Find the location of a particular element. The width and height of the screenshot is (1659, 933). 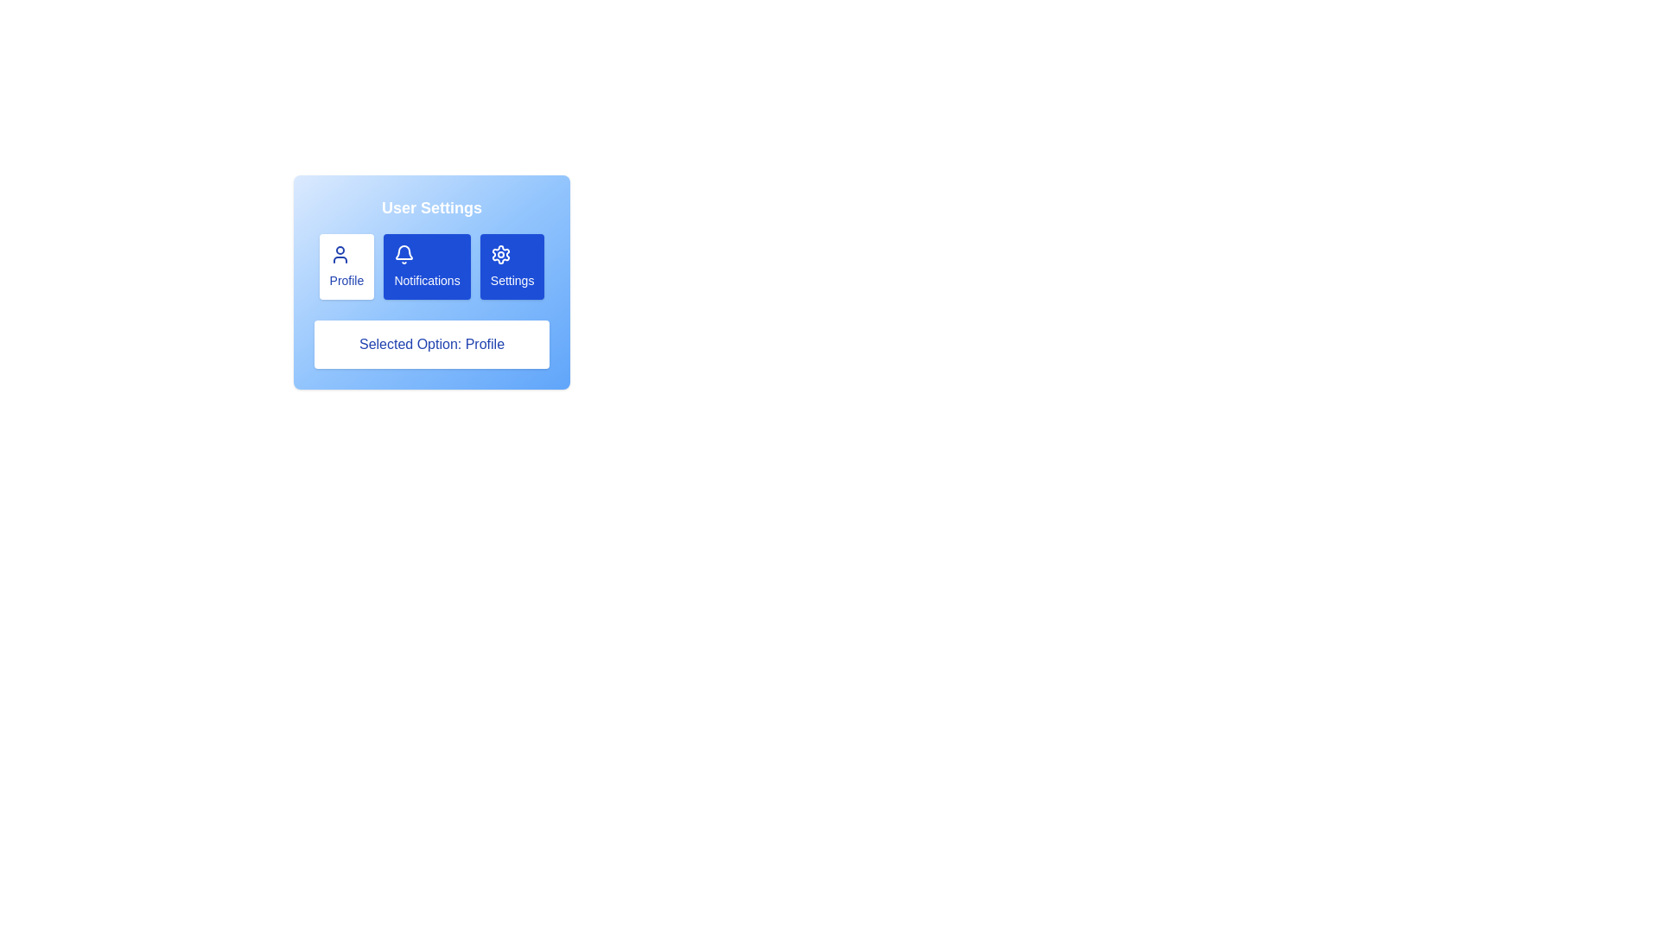

the button corresponding to the Notifications section is located at coordinates (427, 266).